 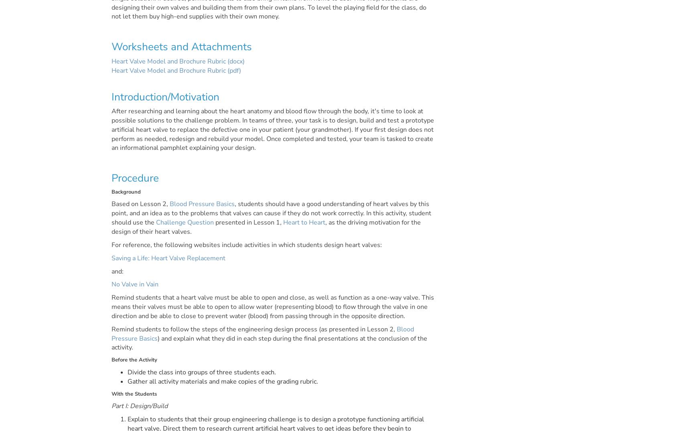 What do you see at coordinates (111, 213) in the screenshot?
I see `', students should have a good understanding of heart valves by this point, and an idea as to the problems that valves can cause if they do not work correctly. In this activity, student should use the'` at bounding box center [111, 213].